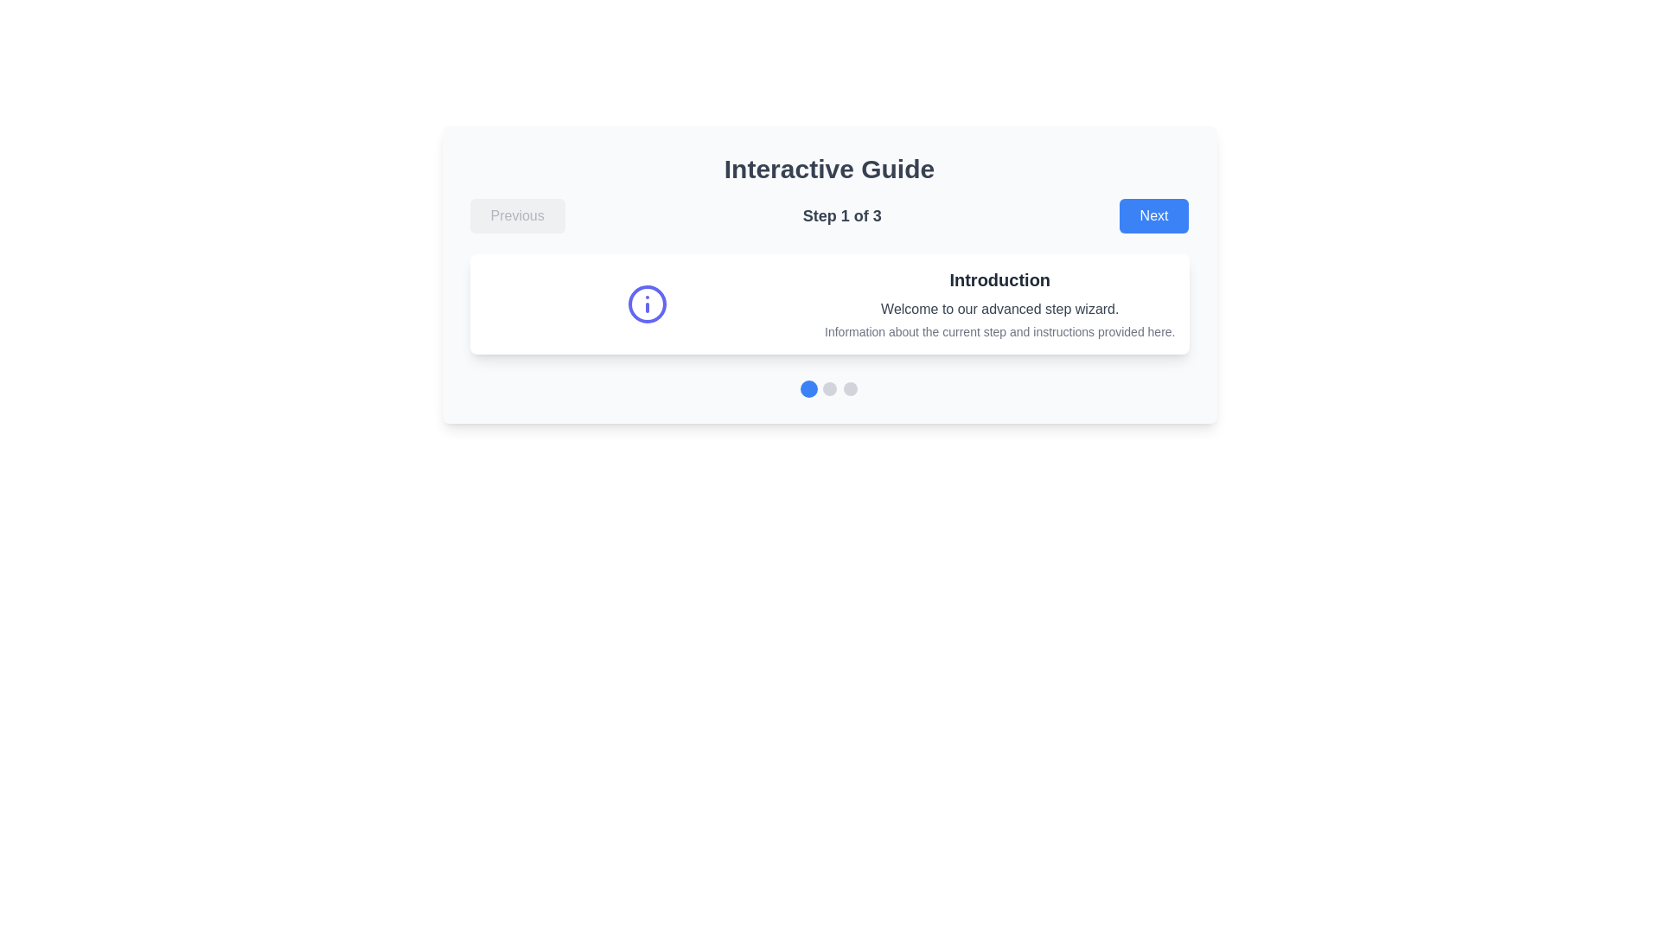  I want to click on the third circular progress indicator located at the bottom-center of the layout, which is gray and has no visible text or icon, so click(850, 389).